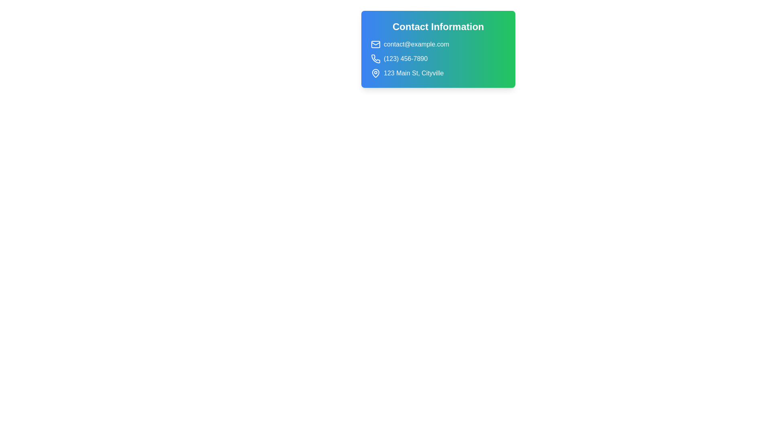 This screenshot has width=770, height=433. Describe the element at coordinates (375, 73) in the screenshot. I see `the map pin icon located to the left of the address '123 Main St, Cityville' in the vertical list of contact details` at that location.